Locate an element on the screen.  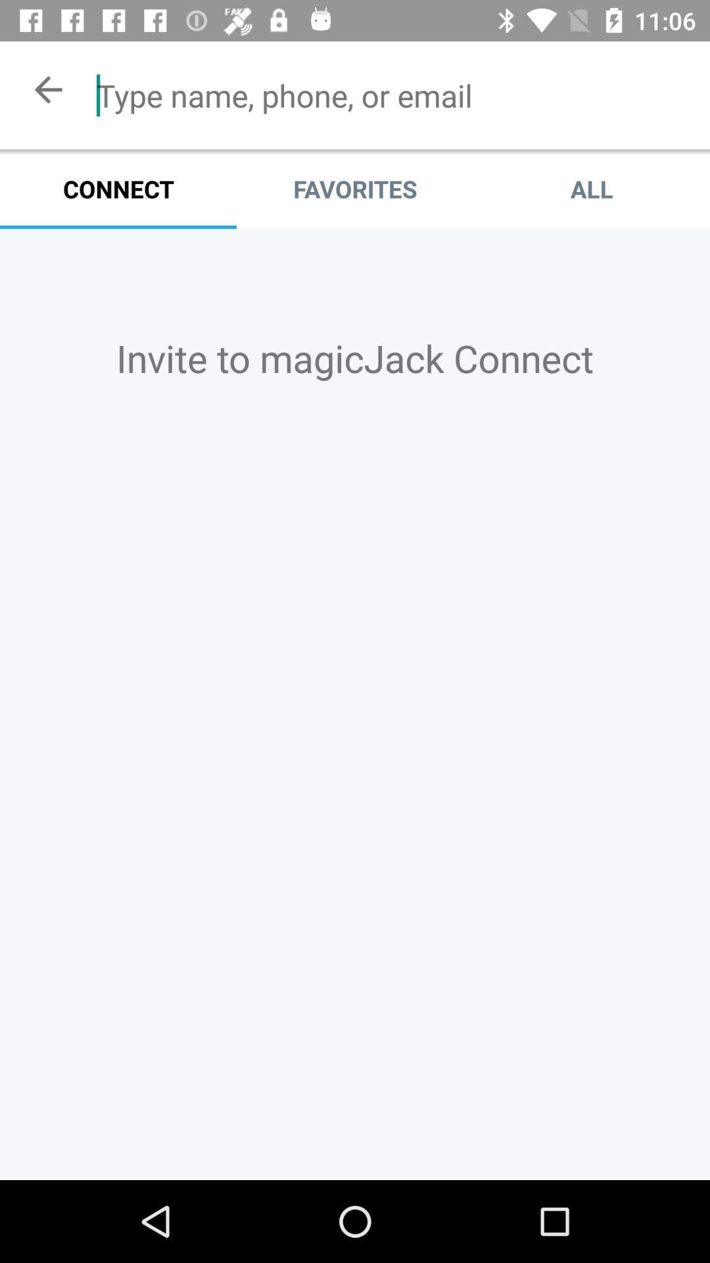
item to the right of the connect is located at coordinates (355, 188).